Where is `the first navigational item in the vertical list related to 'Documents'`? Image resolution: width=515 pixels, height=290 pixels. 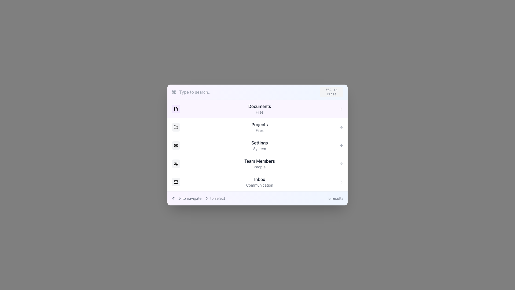
the first navigational item in the vertical list related to 'Documents' is located at coordinates (257, 109).